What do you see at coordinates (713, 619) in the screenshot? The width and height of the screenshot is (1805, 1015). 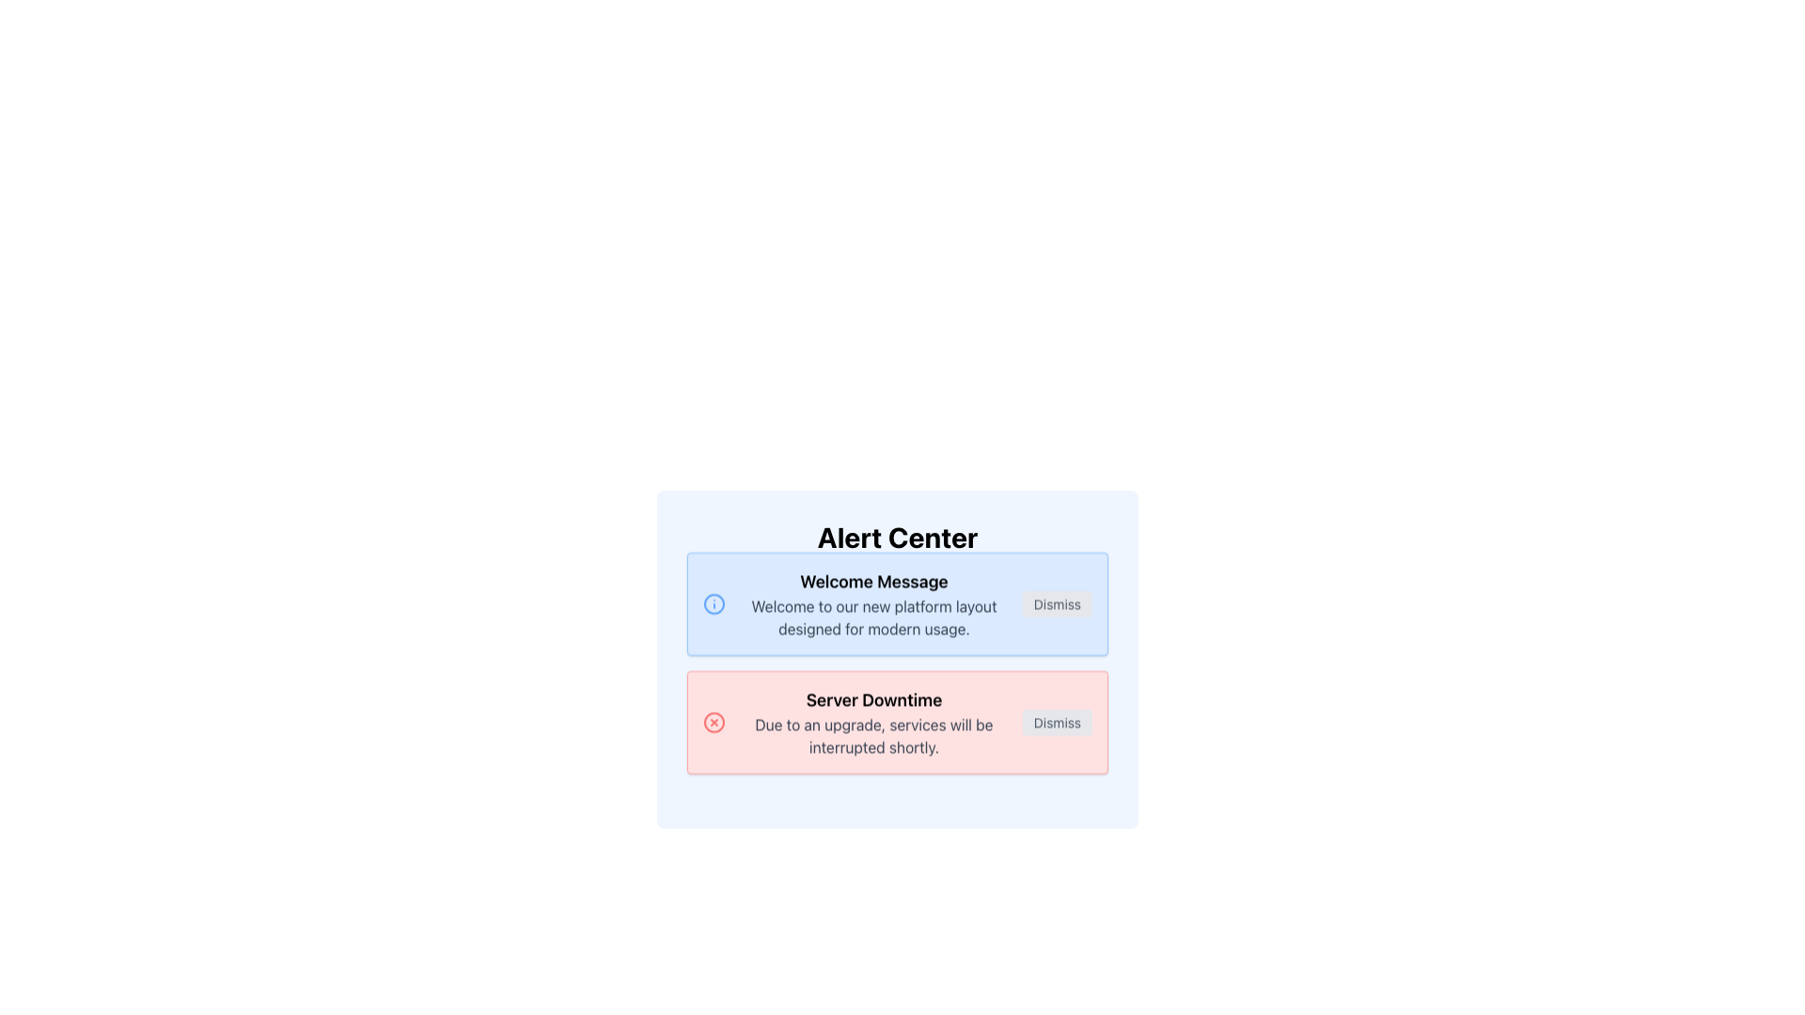 I see `the decorative circular component of the information icon located to the left of the 'Welcome Message' section` at bounding box center [713, 619].